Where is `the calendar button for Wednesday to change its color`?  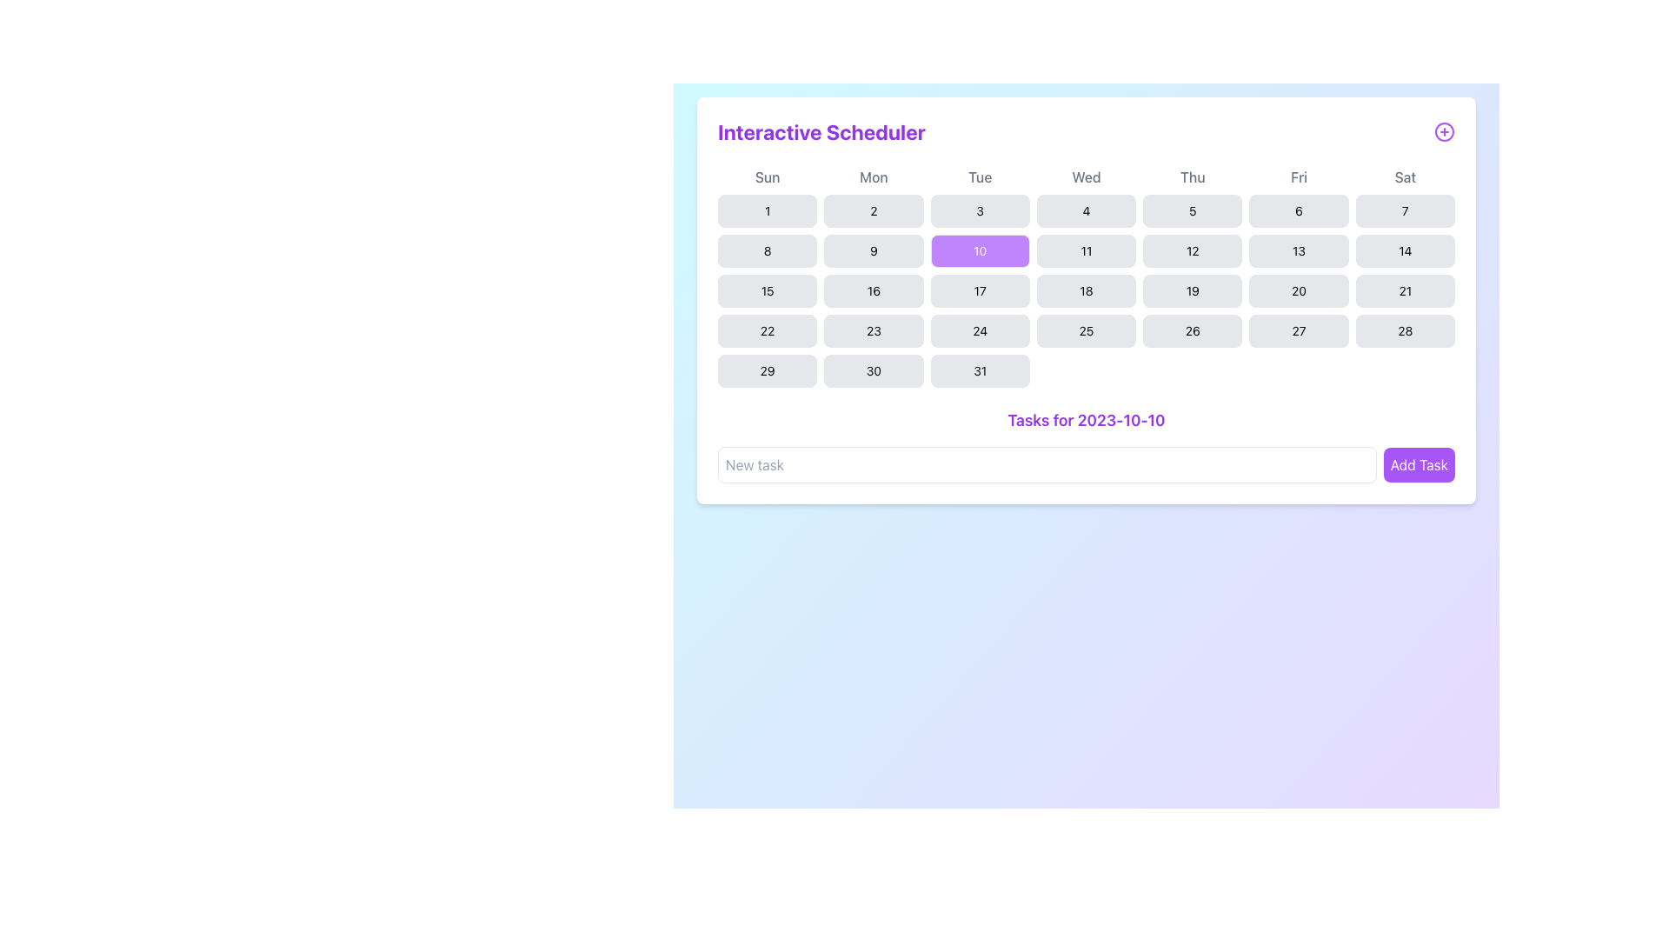 the calendar button for Wednesday to change its color is located at coordinates (1085, 210).